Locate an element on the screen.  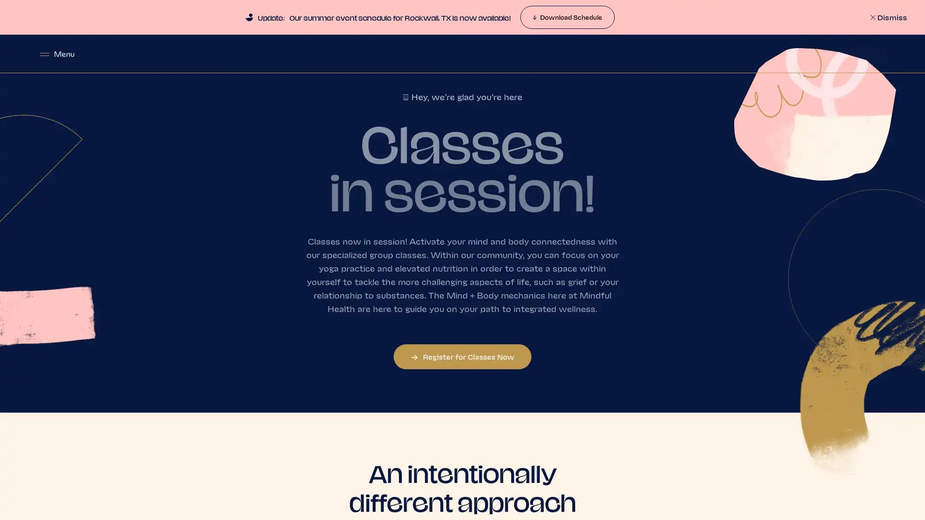
me Make Appointment is located at coordinates (834, 53).